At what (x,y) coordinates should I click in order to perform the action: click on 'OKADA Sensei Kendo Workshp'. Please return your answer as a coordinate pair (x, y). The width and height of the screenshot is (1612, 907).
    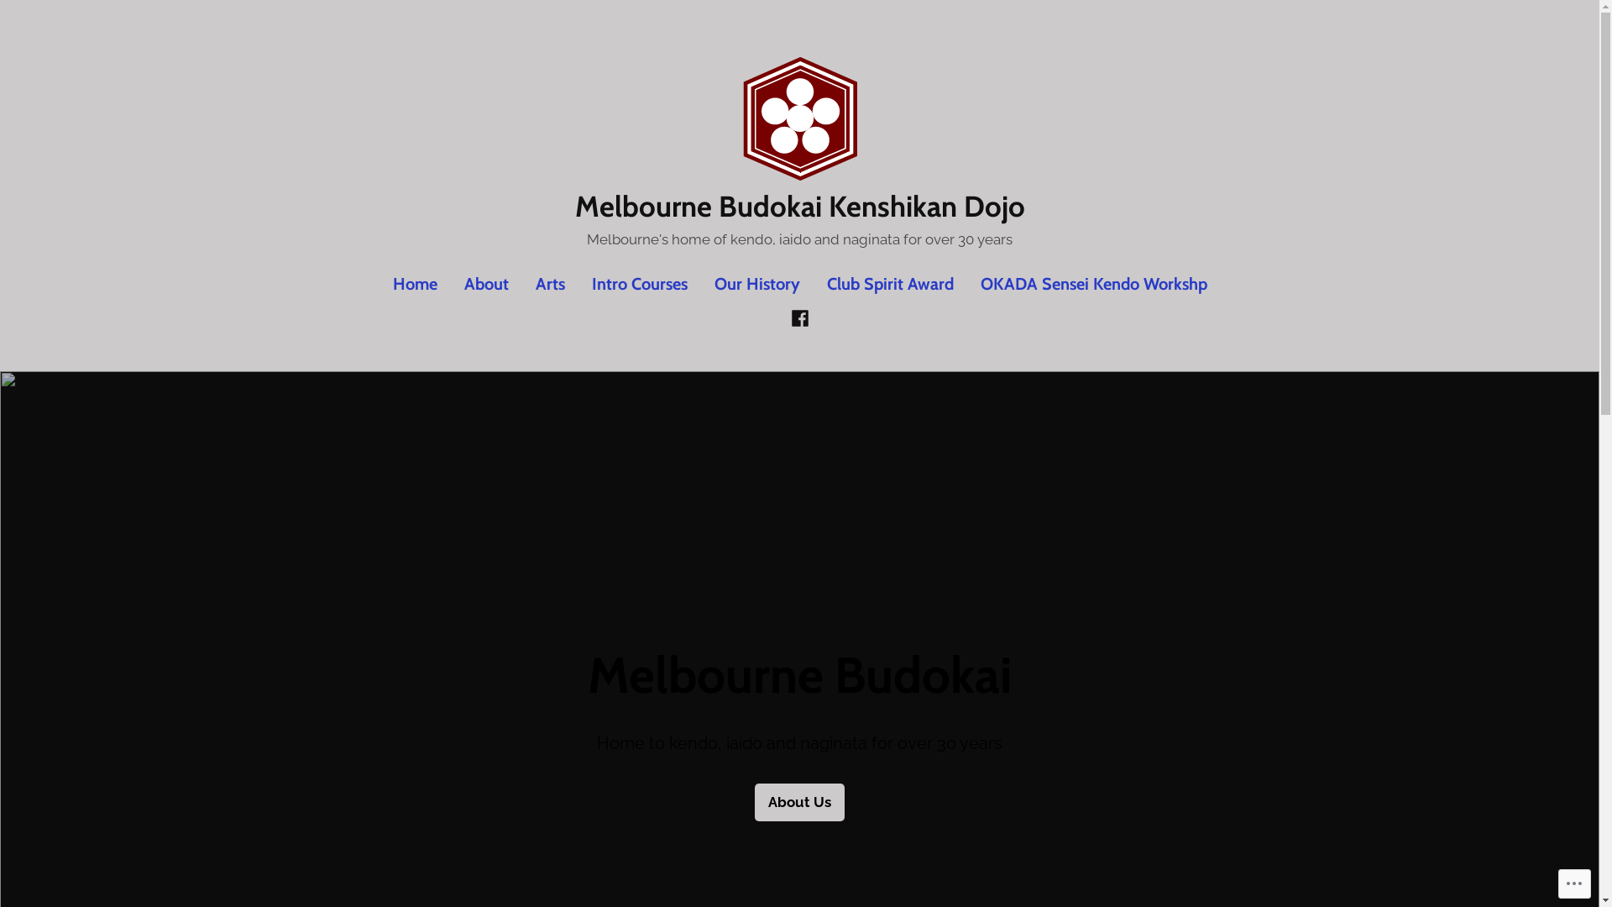
    Looking at the image, I should click on (1087, 282).